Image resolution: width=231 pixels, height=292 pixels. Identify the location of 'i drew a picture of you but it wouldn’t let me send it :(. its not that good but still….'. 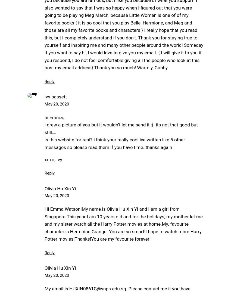
(121, 128).